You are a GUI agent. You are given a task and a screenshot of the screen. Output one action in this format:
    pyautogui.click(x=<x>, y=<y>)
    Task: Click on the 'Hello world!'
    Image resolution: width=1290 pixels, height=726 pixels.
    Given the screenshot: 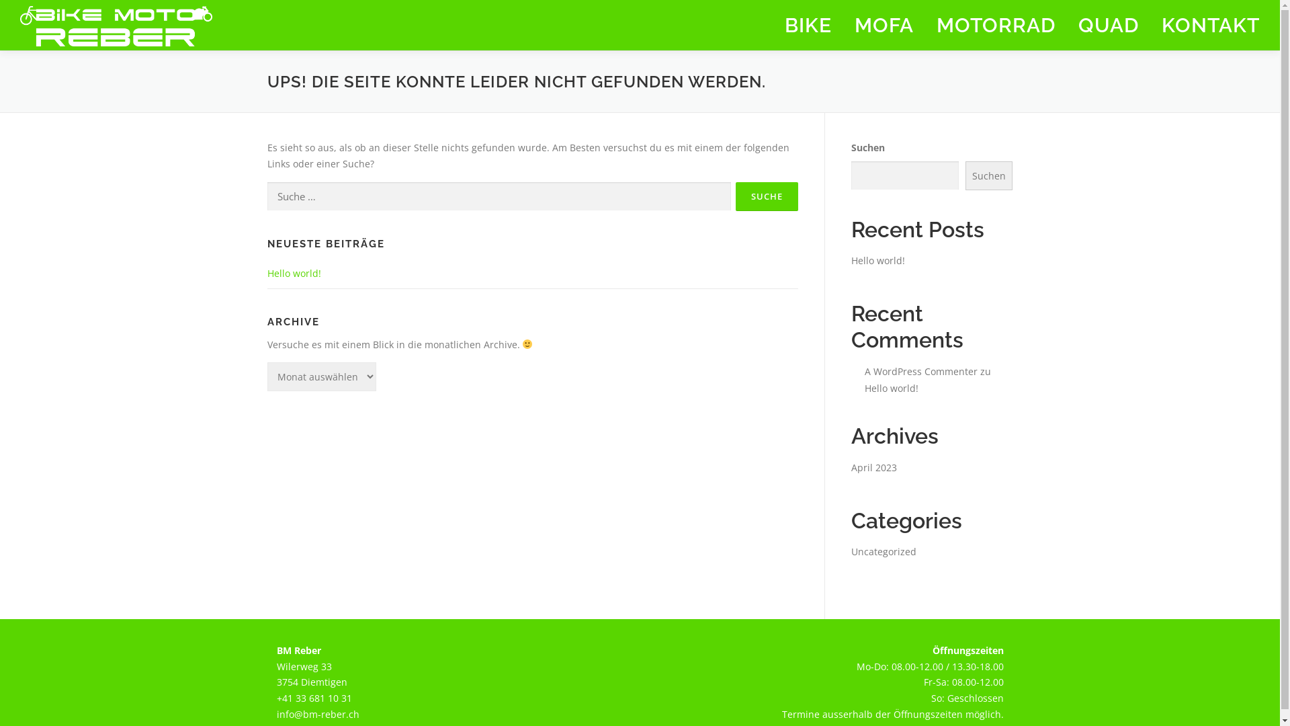 What is the action you would take?
    pyautogui.click(x=890, y=388)
    